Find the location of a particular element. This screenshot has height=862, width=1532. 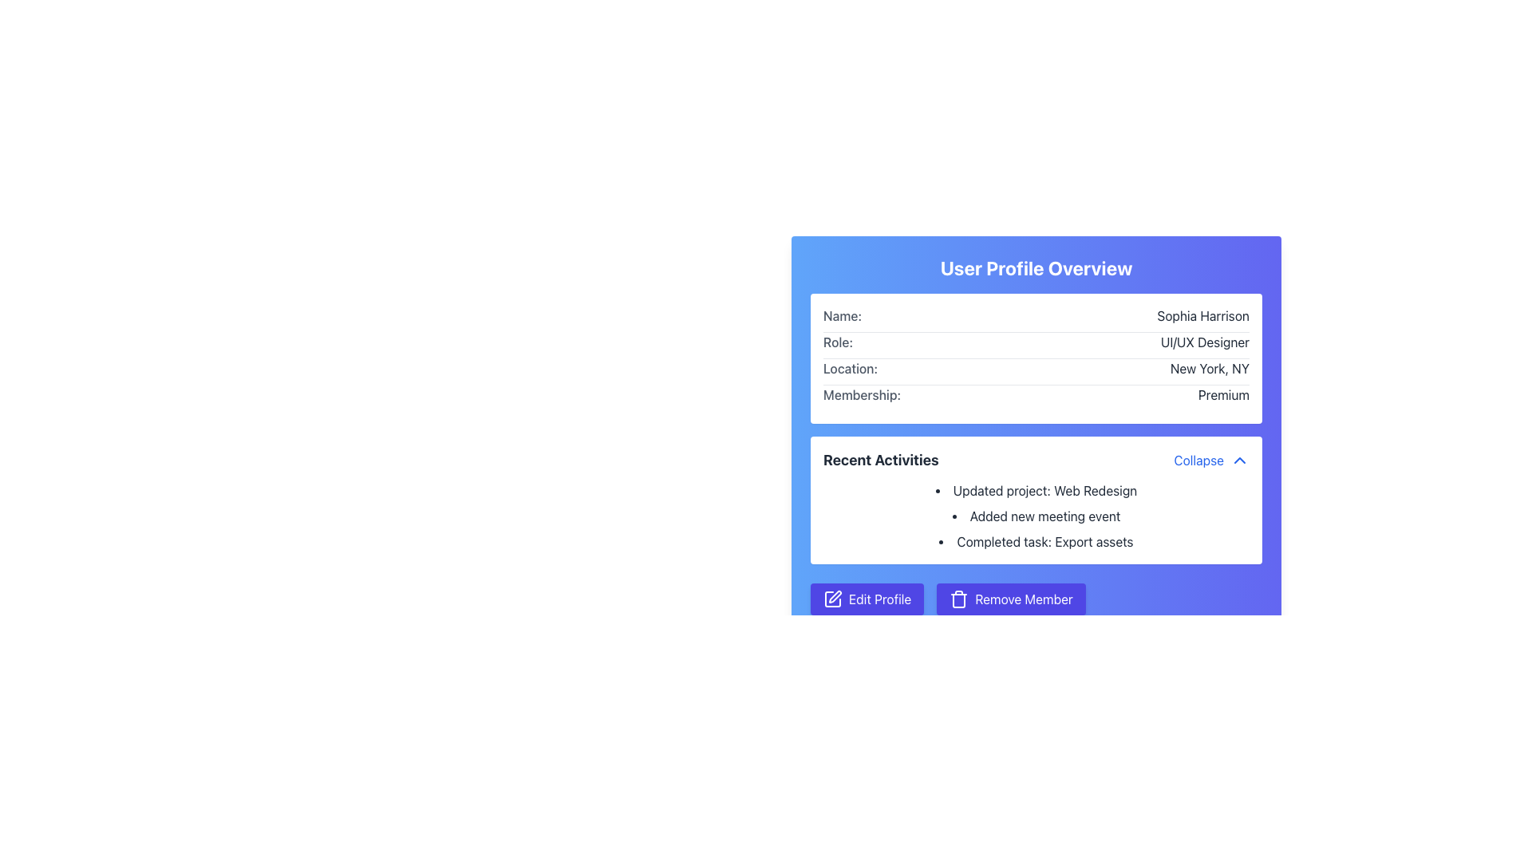

text of the first list item under the 'Recent Activities' section, which displays 'Updated project: Web Redesign' is located at coordinates (1036, 489).